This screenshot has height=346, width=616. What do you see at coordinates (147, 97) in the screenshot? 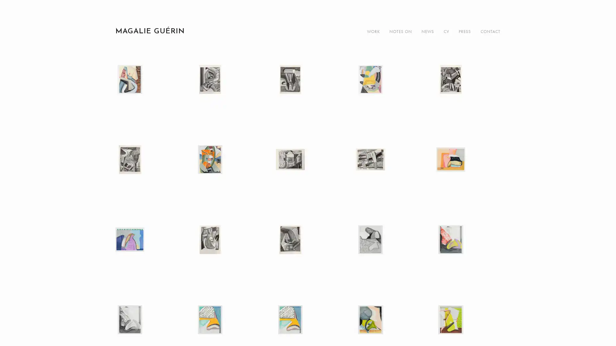
I see `View fullsize Copy Drawing (hat-Flintstones), 2017` at bounding box center [147, 97].